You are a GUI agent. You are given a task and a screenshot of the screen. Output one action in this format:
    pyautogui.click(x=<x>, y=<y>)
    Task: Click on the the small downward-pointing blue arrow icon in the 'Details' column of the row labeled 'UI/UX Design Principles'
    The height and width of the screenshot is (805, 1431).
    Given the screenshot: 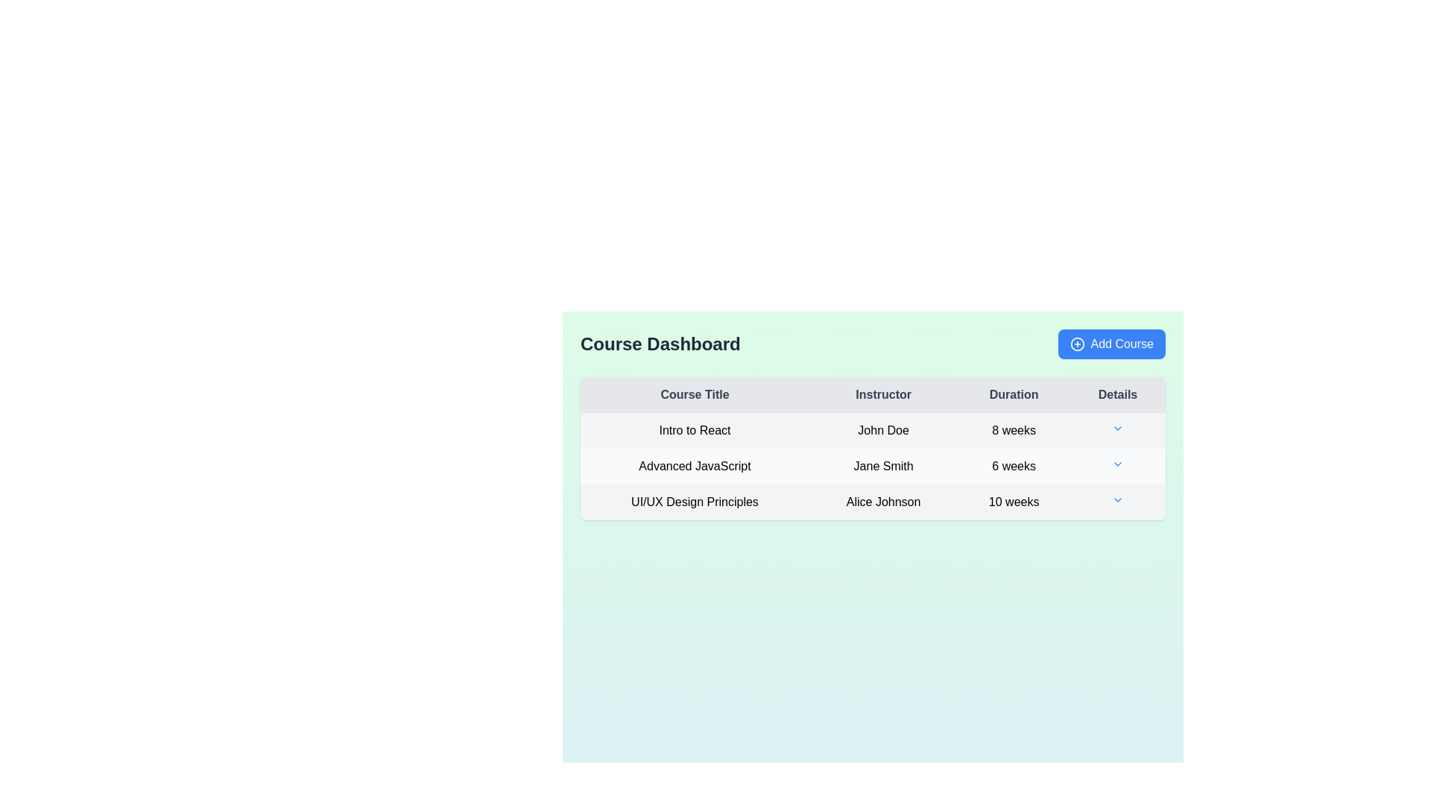 What is the action you would take?
    pyautogui.click(x=1118, y=502)
    